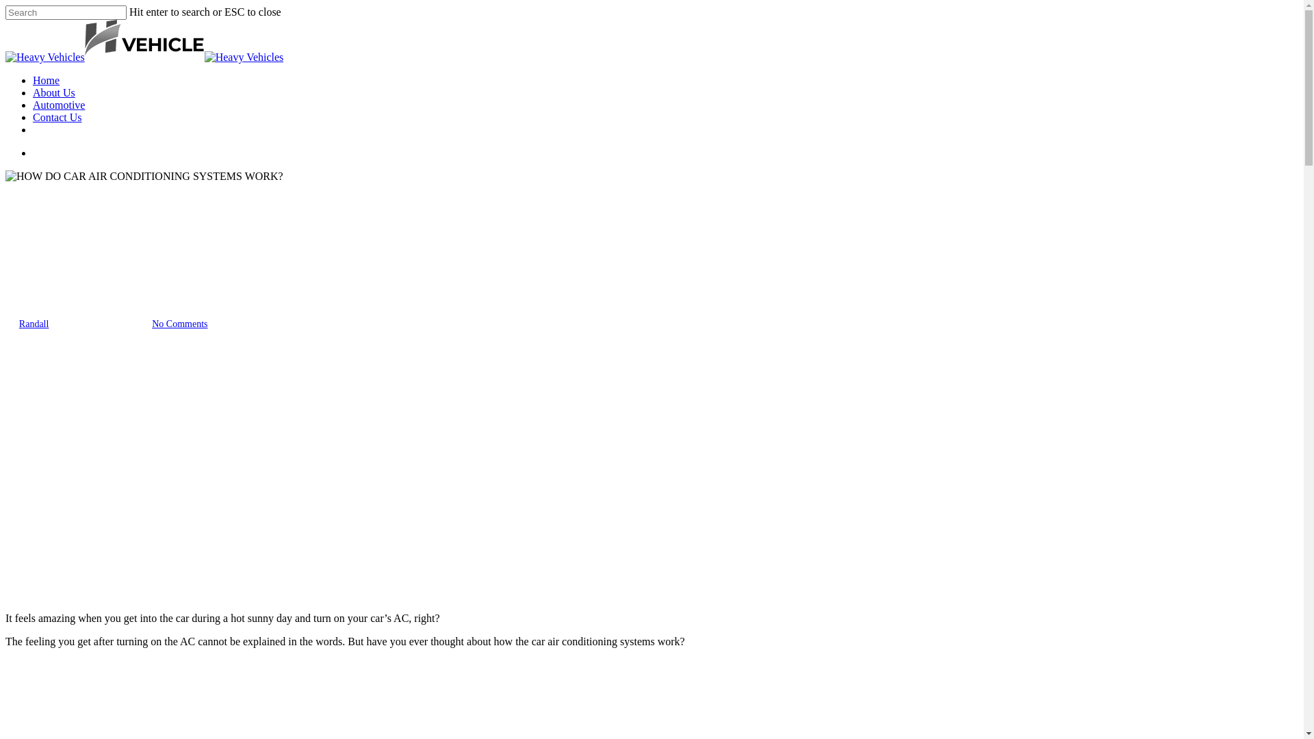 The height and width of the screenshot is (739, 1314). Describe the element at coordinates (33, 80) in the screenshot. I see `'Home'` at that location.